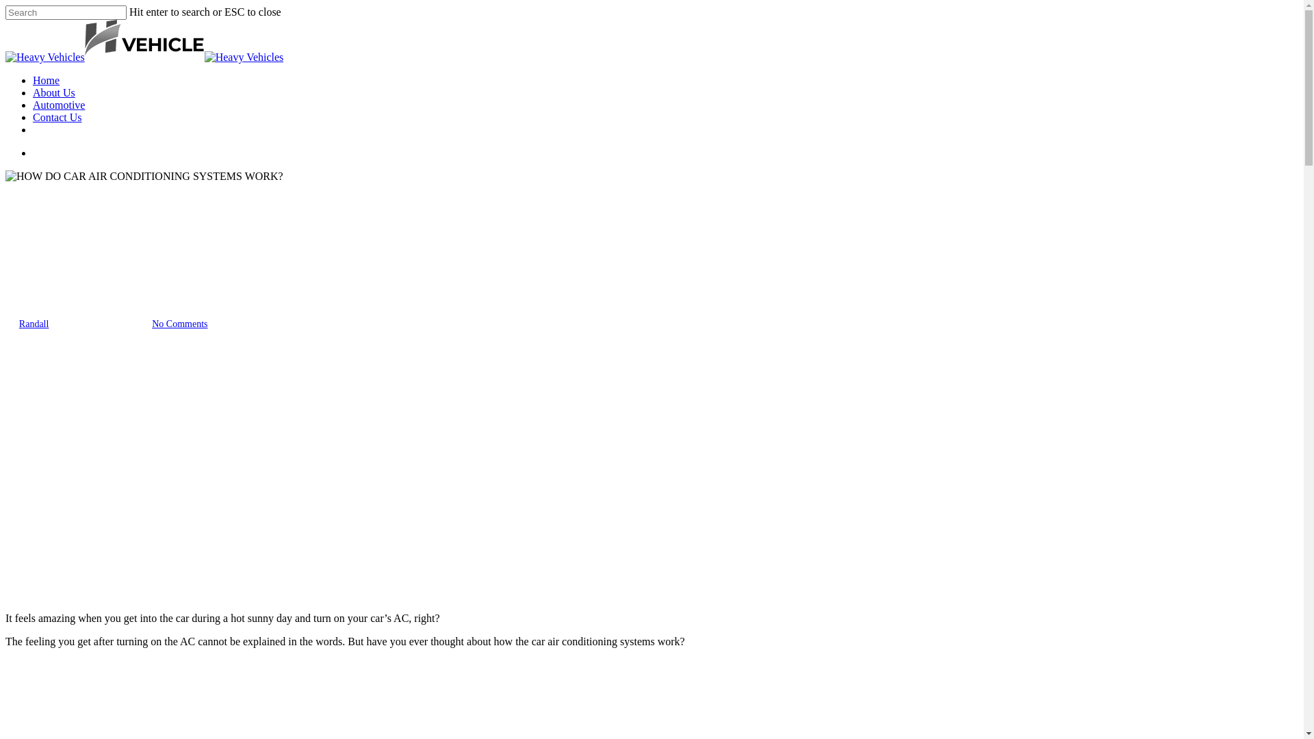 The height and width of the screenshot is (739, 1314). Describe the element at coordinates (33, 80) in the screenshot. I see `'Home'` at that location.